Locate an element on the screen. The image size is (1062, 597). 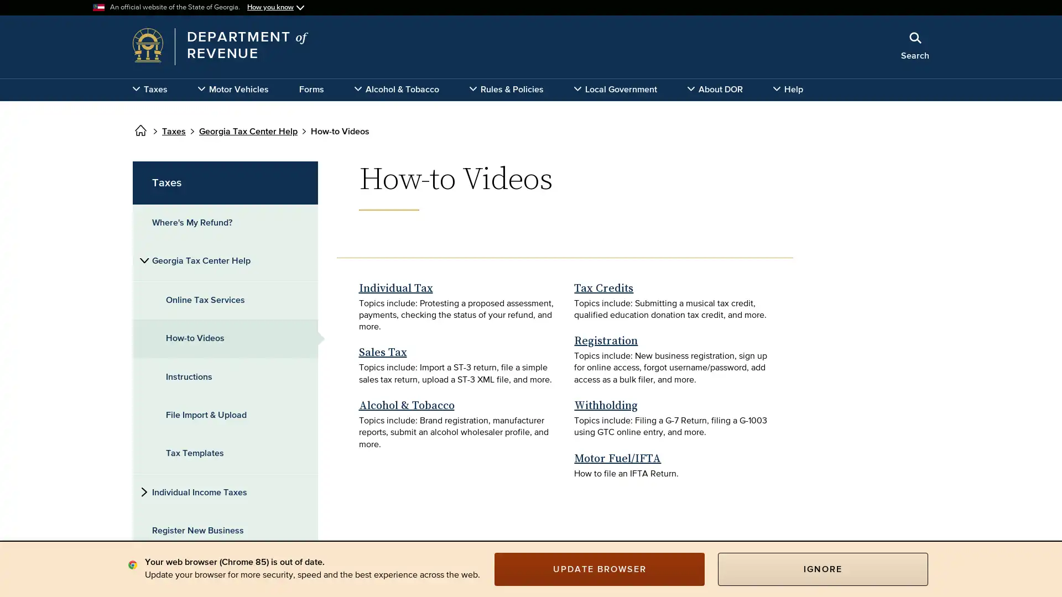
Side subnavigation toggle for 'Business Taxes' is located at coordinates (143, 570).